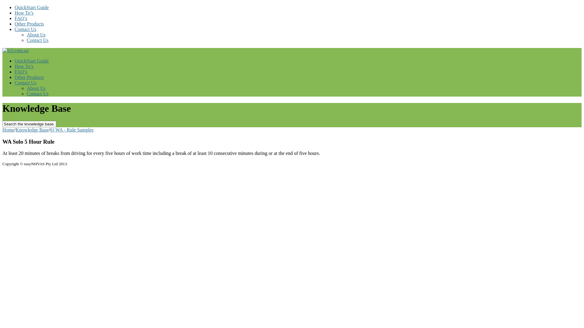  I want to click on 'Knowledge Base', so click(32, 129).